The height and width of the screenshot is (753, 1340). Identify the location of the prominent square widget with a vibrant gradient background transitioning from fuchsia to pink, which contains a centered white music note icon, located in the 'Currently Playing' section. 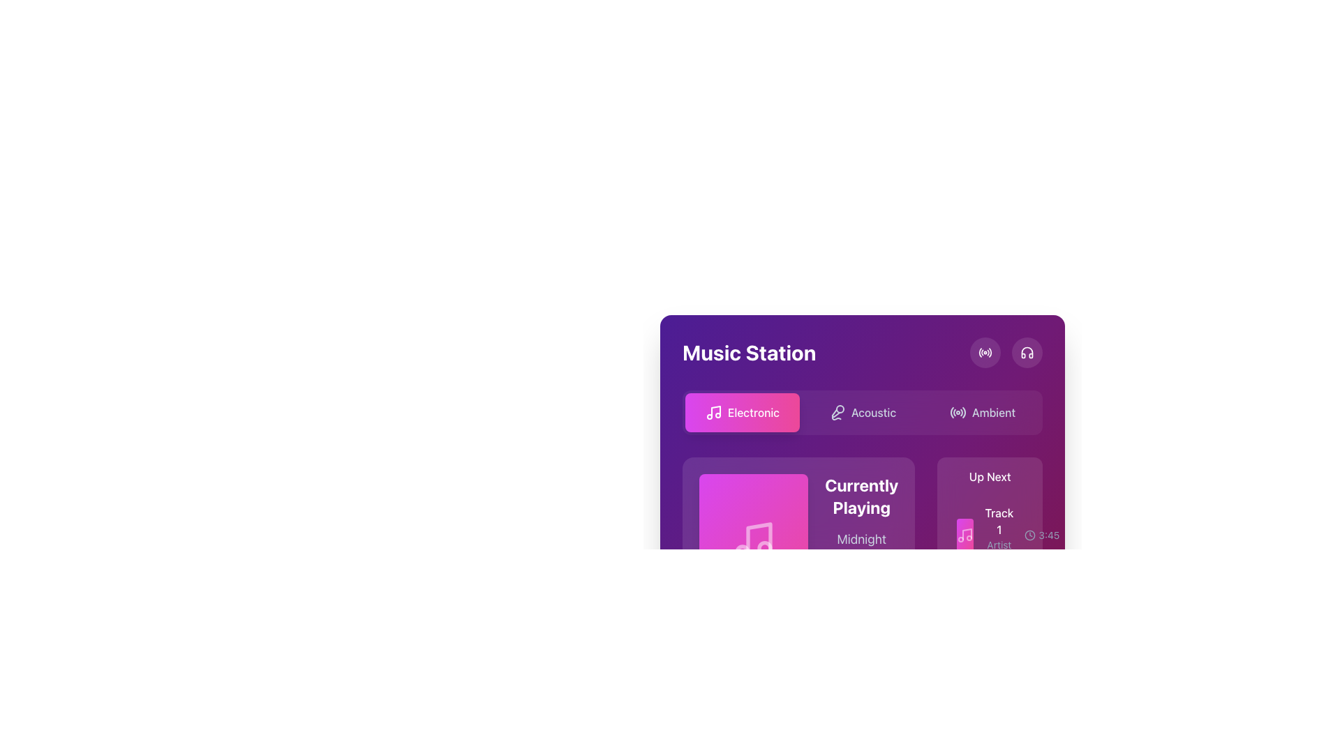
(753, 540).